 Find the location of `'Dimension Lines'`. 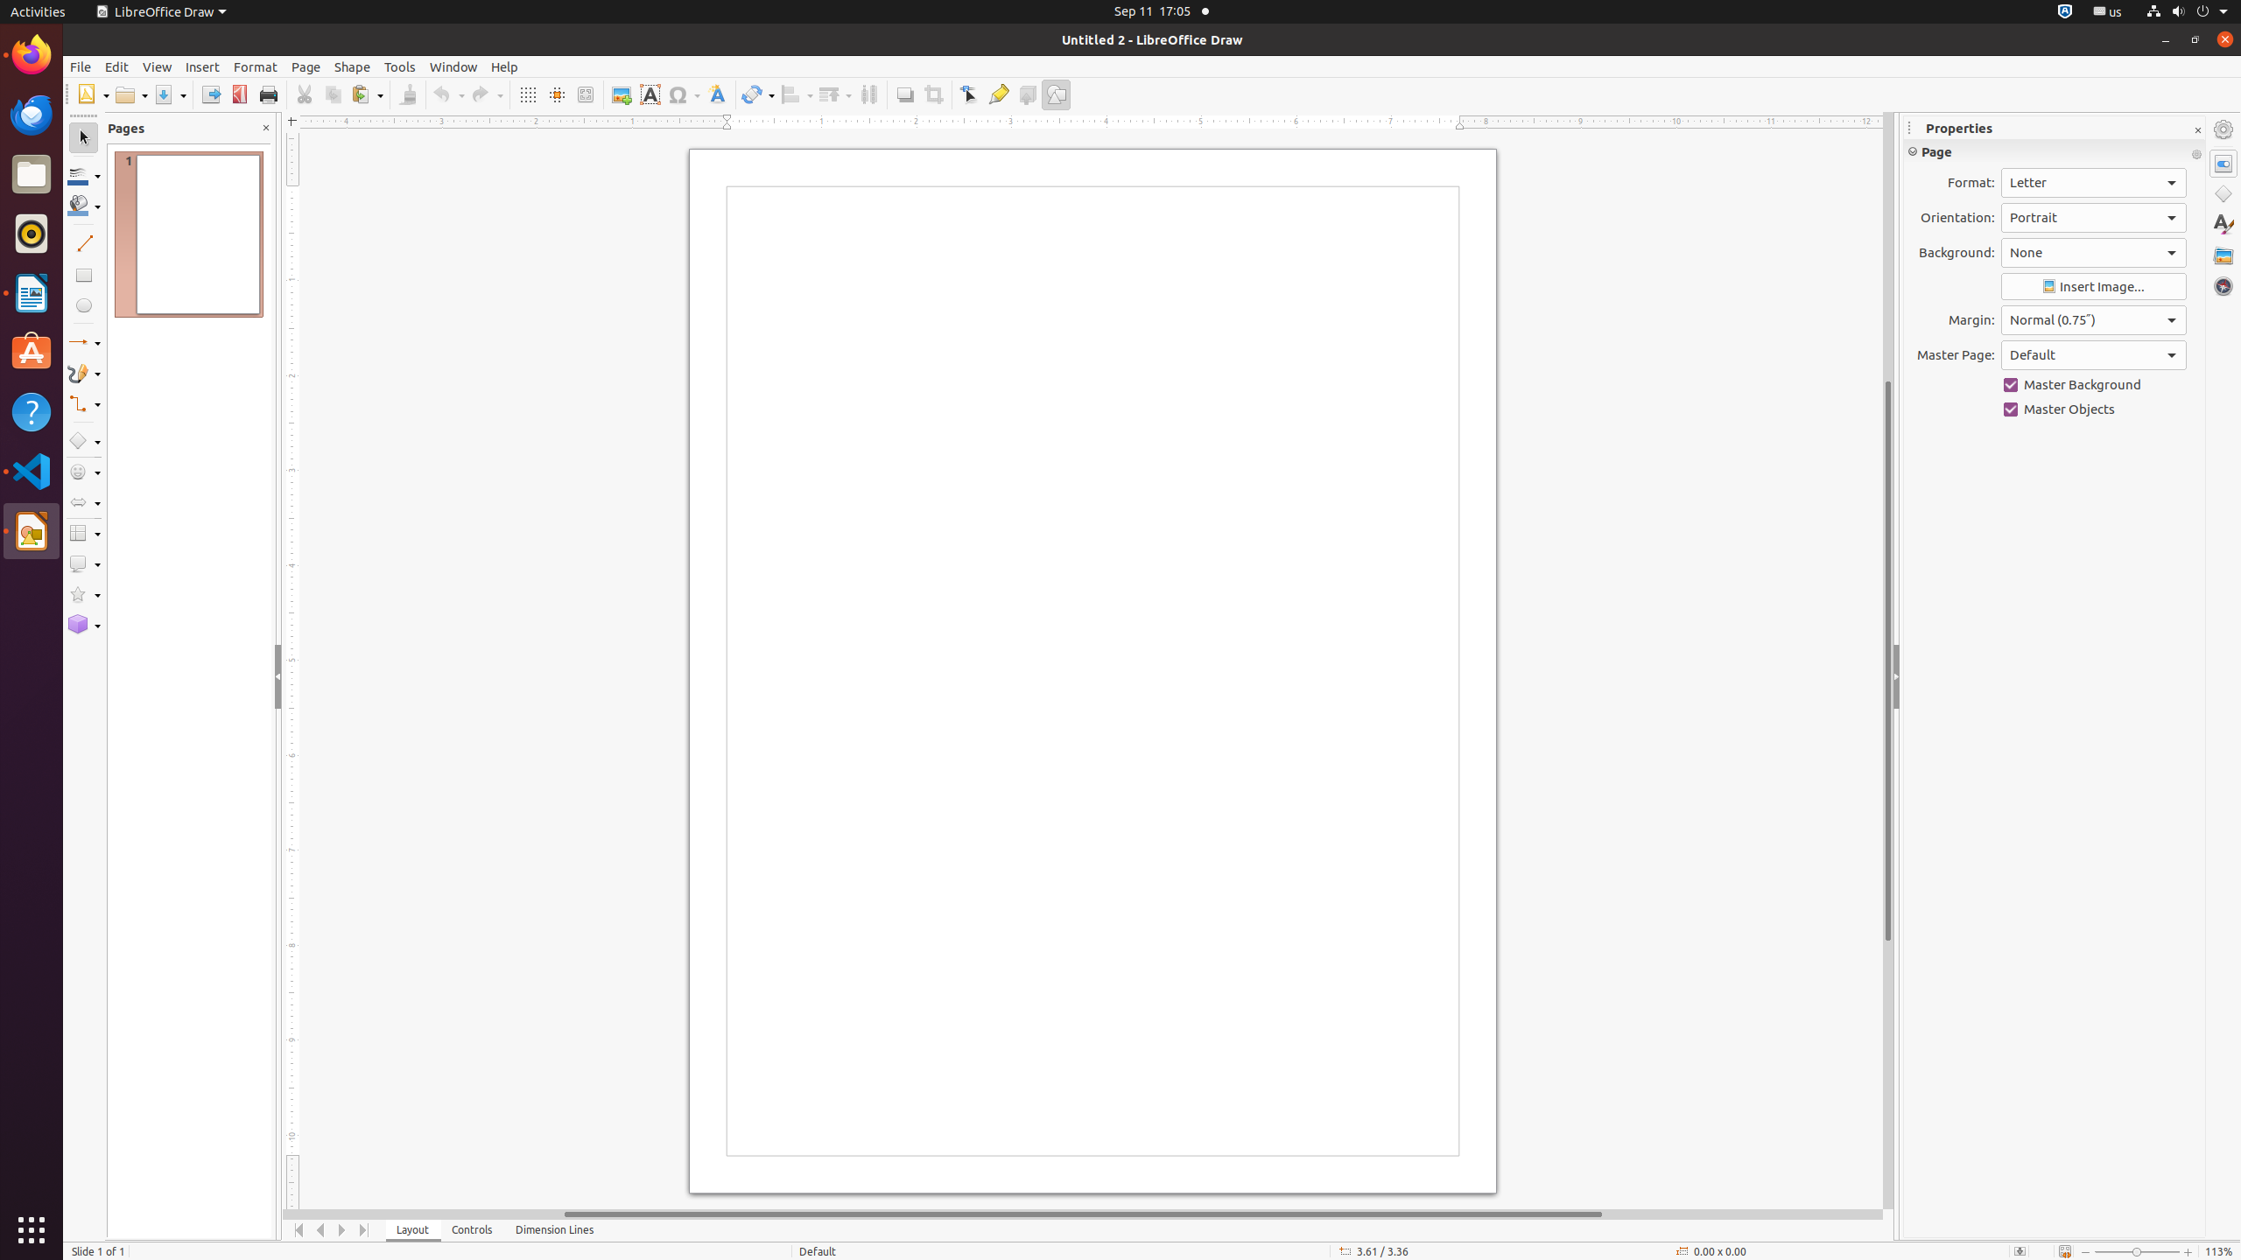

'Dimension Lines' is located at coordinates (554, 1229).